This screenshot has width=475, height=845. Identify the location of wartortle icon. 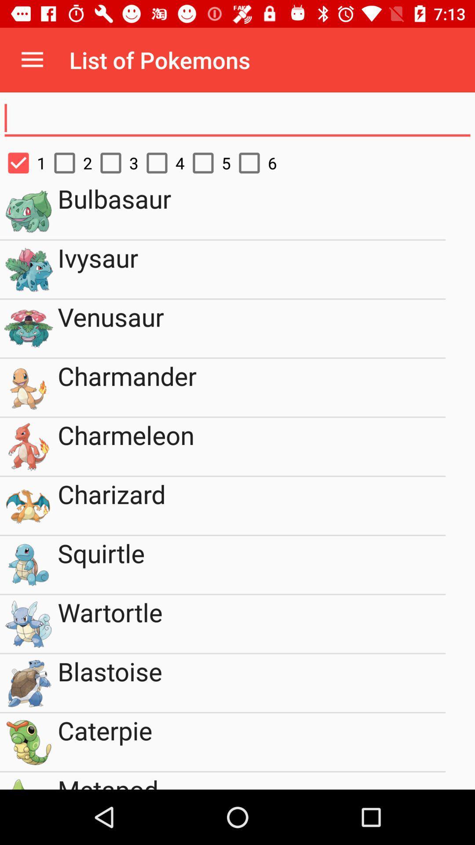
(252, 623).